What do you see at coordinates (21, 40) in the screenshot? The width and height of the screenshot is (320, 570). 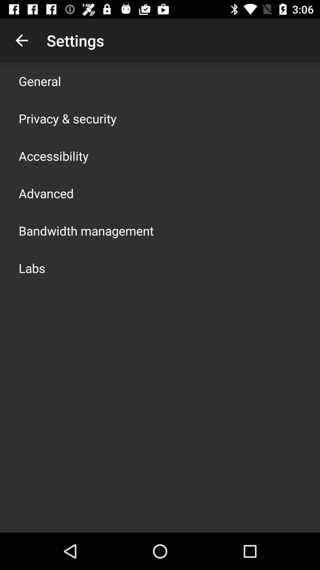 I see `the icon next to the settings icon` at bounding box center [21, 40].